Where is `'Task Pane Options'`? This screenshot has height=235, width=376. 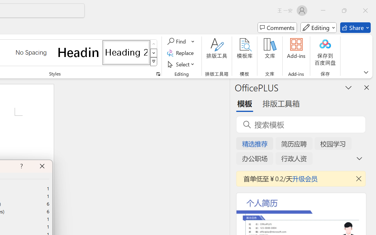
'Task Pane Options' is located at coordinates (349, 87).